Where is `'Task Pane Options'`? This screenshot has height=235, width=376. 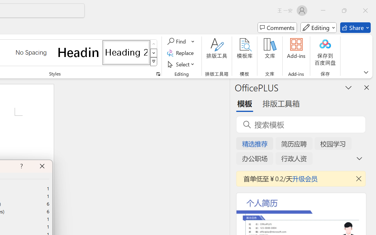
'Task Pane Options' is located at coordinates (349, 87).